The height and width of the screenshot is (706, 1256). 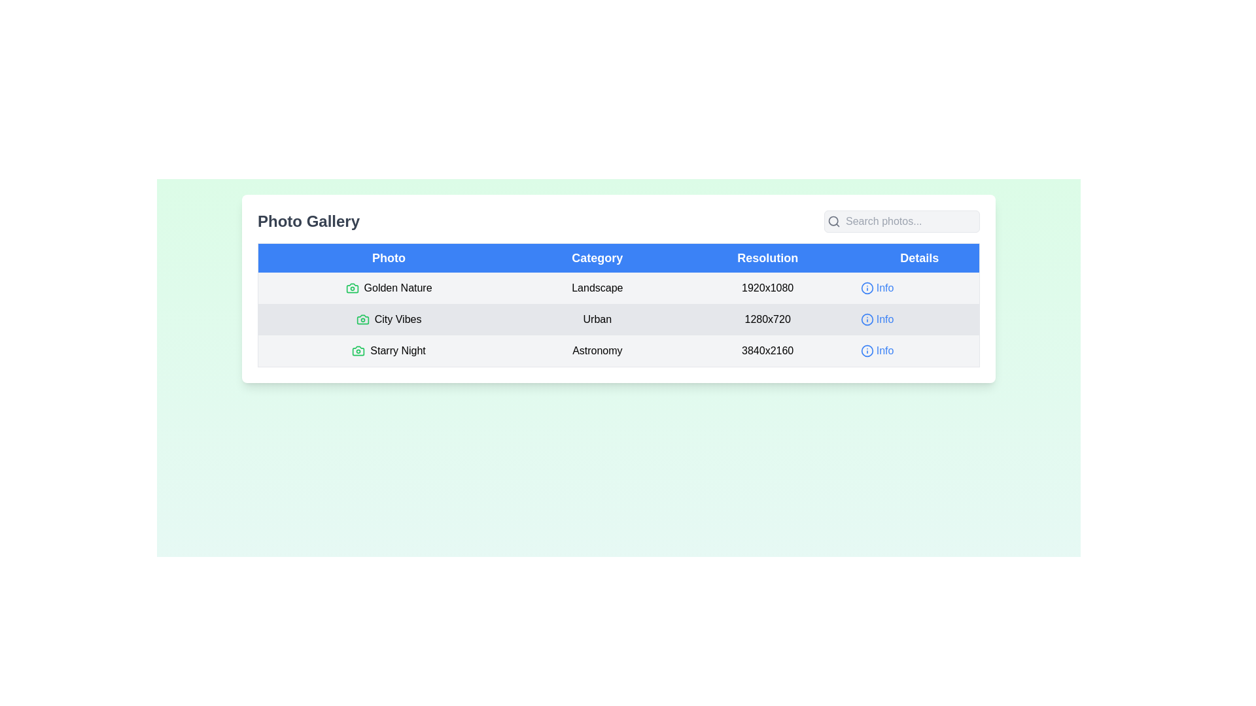 I want to click on the 'City Vibes' label in the first column of the 'Photo Gallery' table, so click(x=388, y=320).